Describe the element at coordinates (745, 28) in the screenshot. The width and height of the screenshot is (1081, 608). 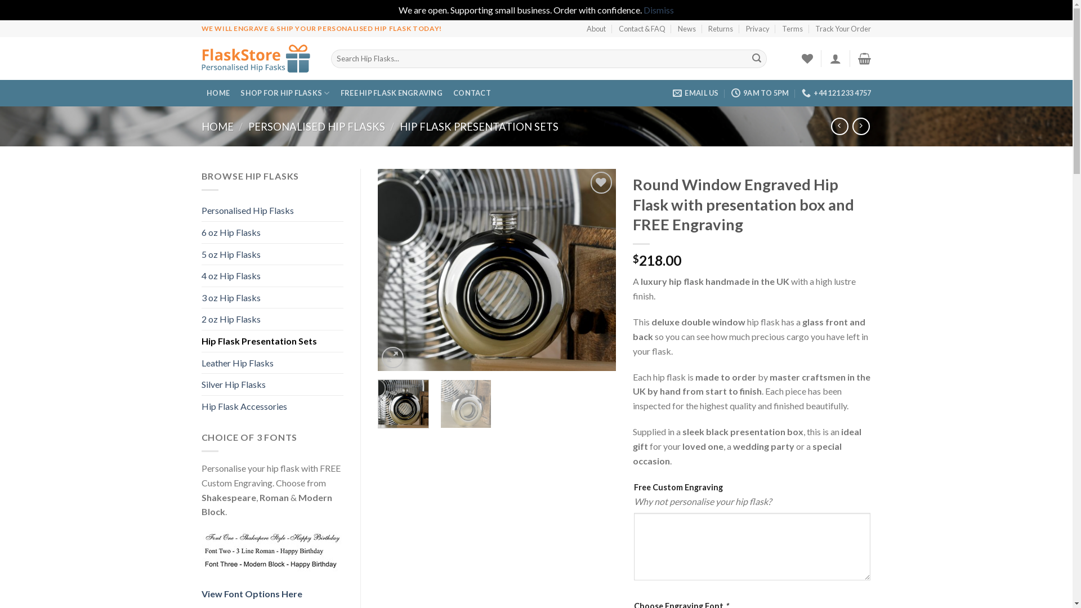
I see `'Privacy'` at that location.